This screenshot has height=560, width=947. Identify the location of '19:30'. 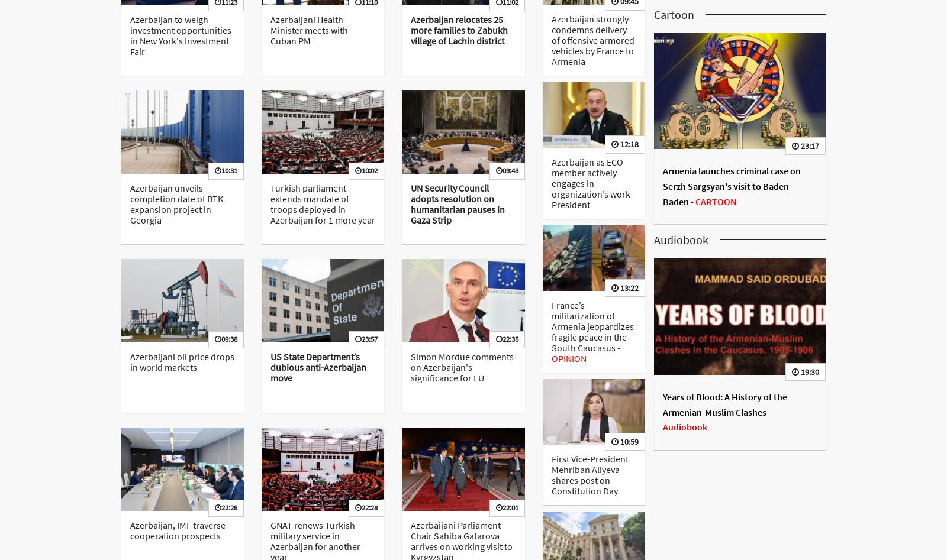
(808, 371).